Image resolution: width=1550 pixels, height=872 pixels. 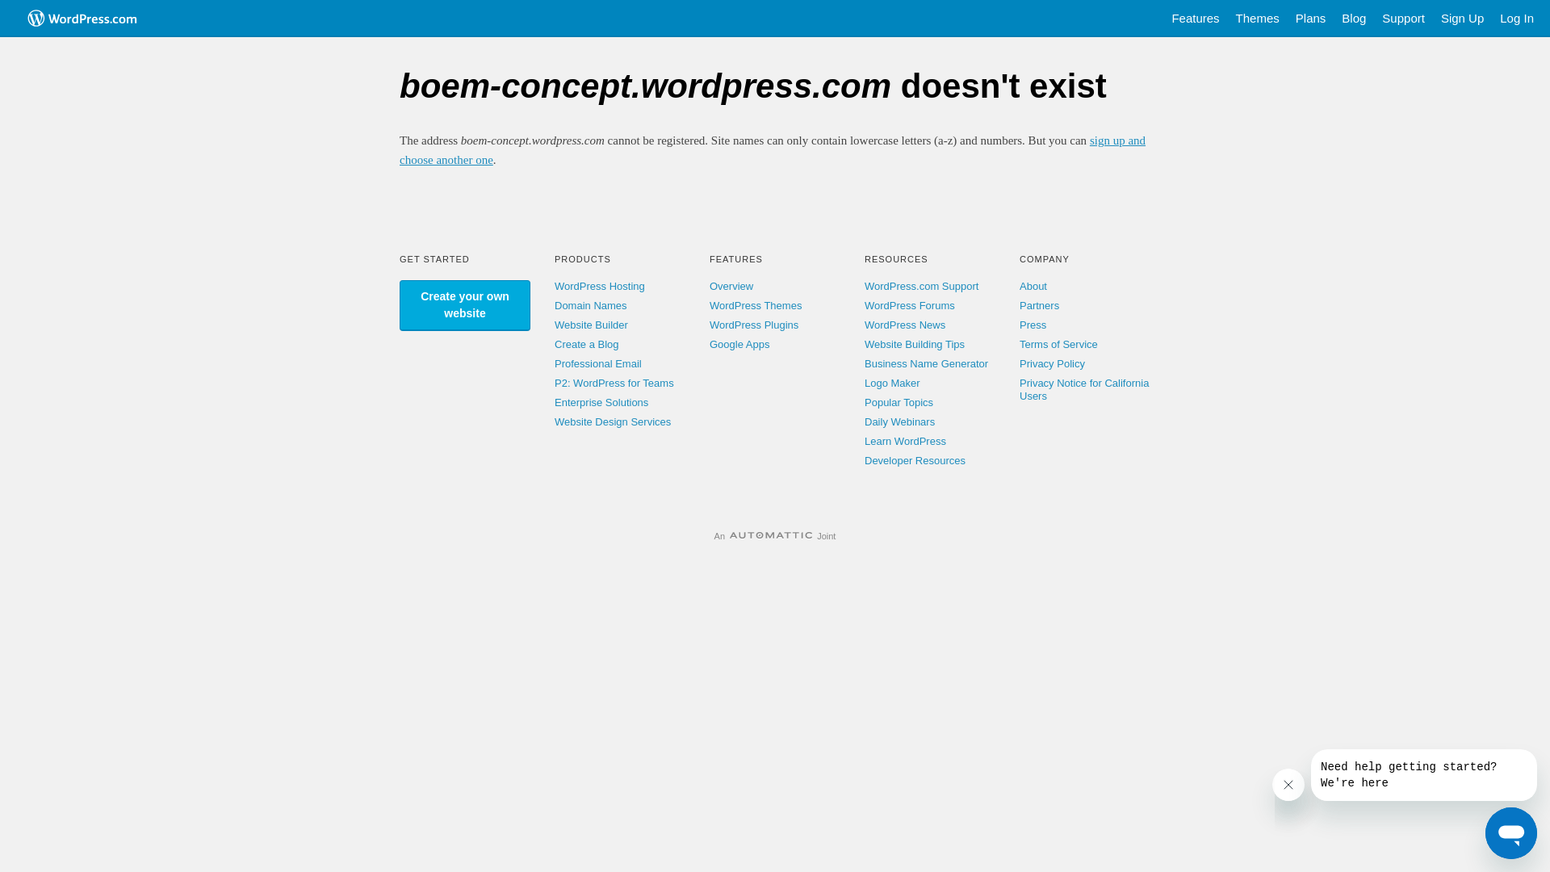 What do you see at coordinates (599, 285) in the screenshot?
I see `'WordPress Hosting'` at bounding box center [599, 285].